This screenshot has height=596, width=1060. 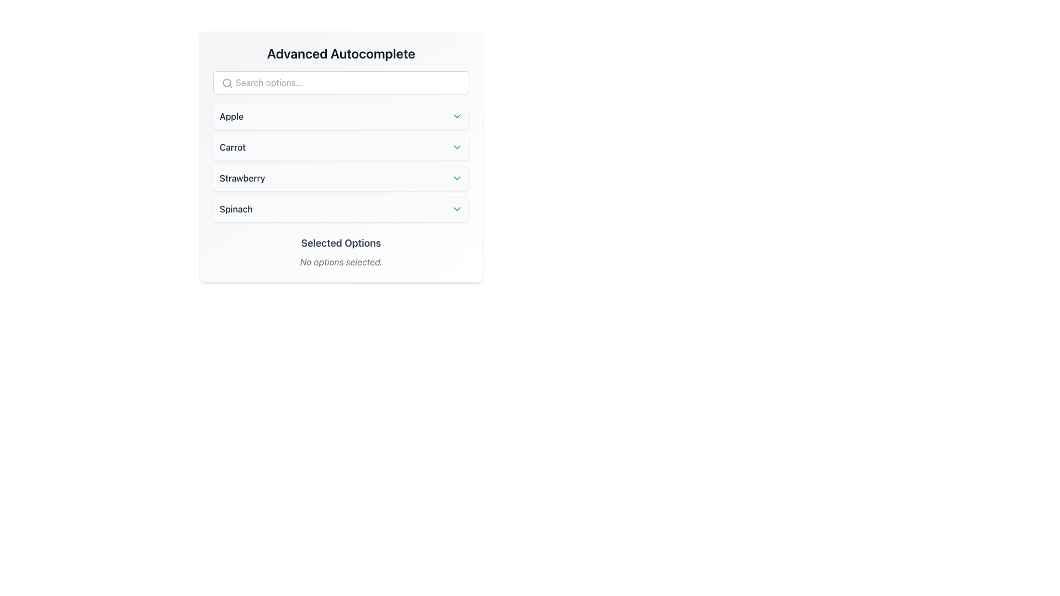 I want to click on the selectable items list component located beneath the input search bar, so click(x=341, y=162).